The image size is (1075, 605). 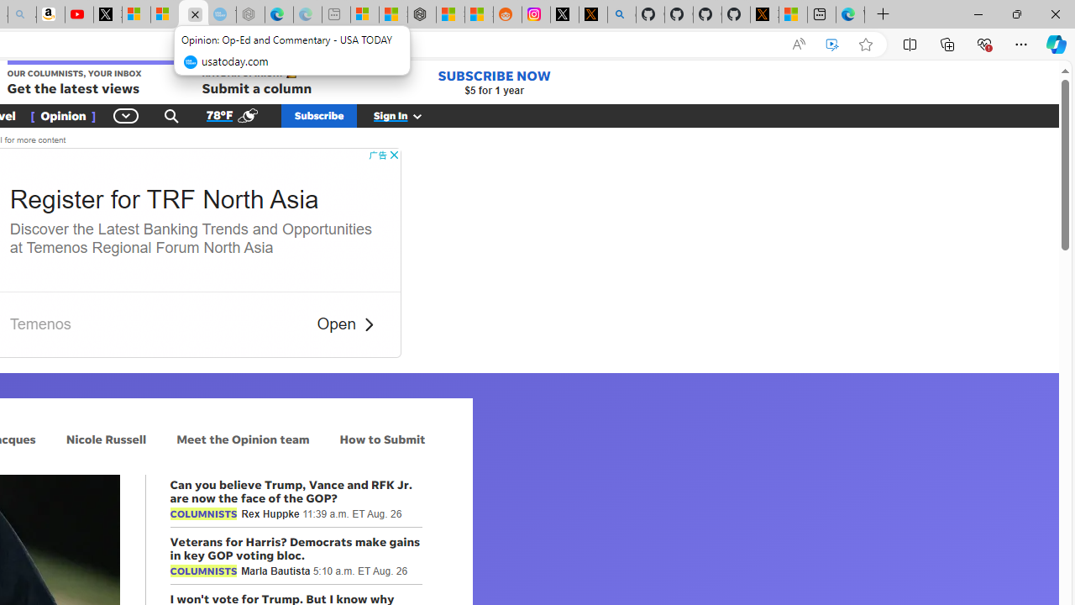 What do you see at coordinates (564, 14) in the screenshot?
I see `'Log in to X / X'` at bounding box center [564, 14].